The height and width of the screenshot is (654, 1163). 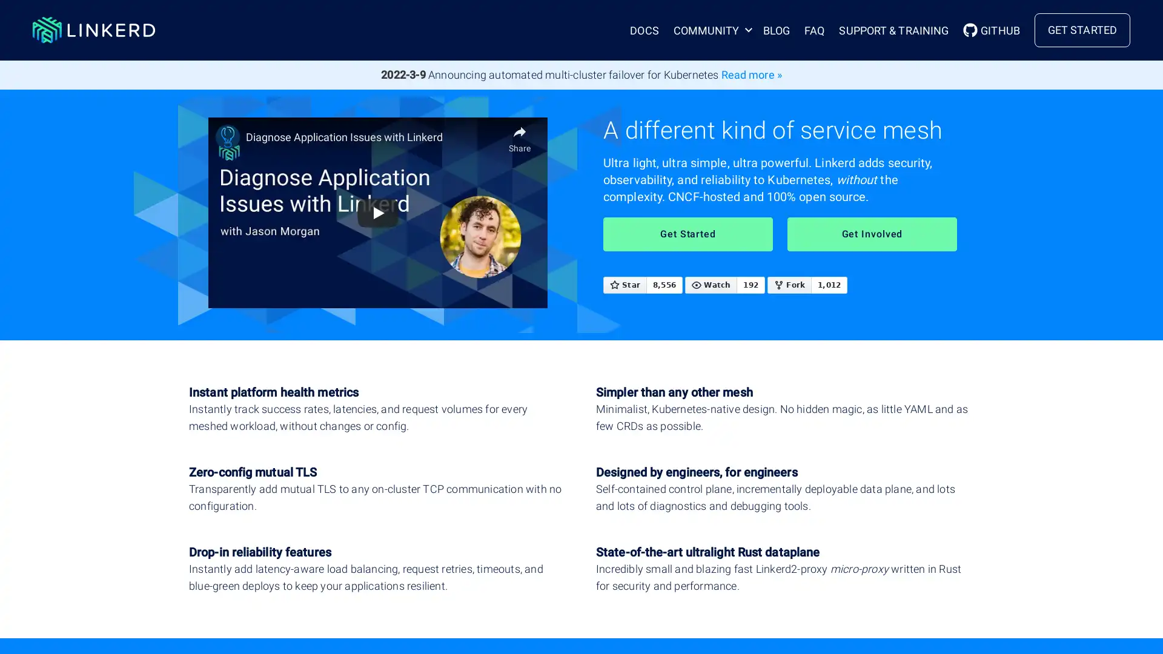 I want to click on COMMUNITY, so click(x=710, y=29).